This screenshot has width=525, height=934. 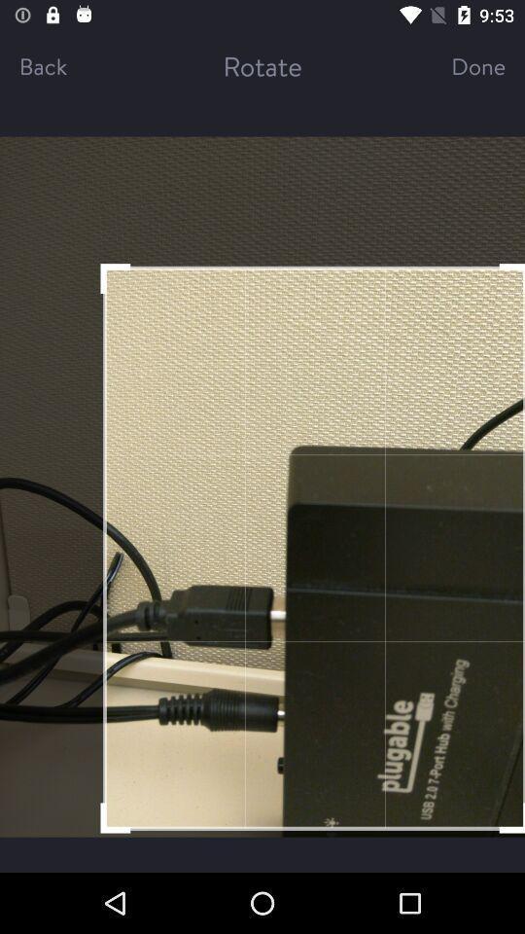 What do you see at coordinates (460, 65) in the screenshot?
I see `the icon next to the rotate` at bounding box center [460, 65].